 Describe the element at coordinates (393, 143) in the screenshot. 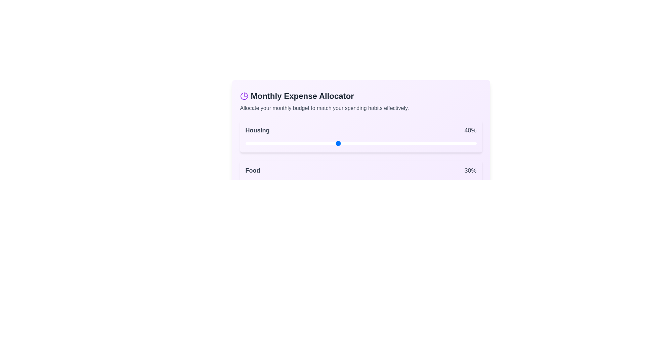

I see `the value of the 'Housing' percentage slider` at that location.